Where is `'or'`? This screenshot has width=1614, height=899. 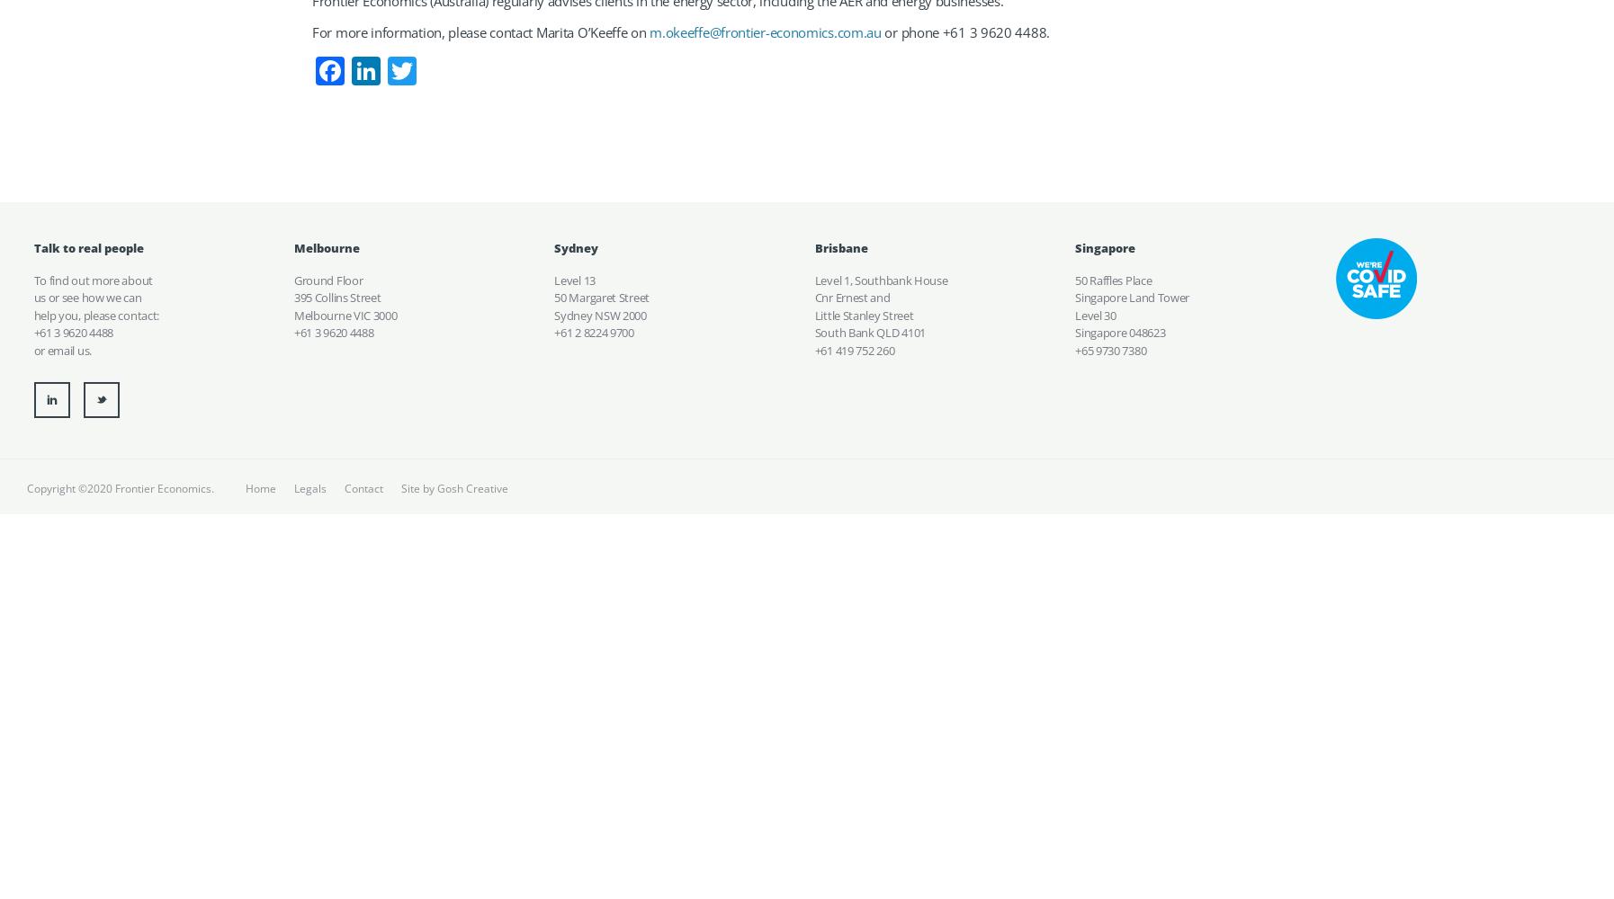 'or' is located at coordinates (39, 350).